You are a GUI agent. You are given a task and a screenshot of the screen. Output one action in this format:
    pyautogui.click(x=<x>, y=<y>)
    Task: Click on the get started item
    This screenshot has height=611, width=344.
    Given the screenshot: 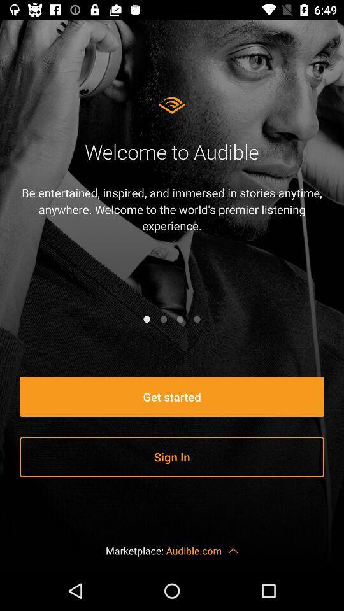 What is the action you would take?
    pyautogui.click(x=172, y=396)
    